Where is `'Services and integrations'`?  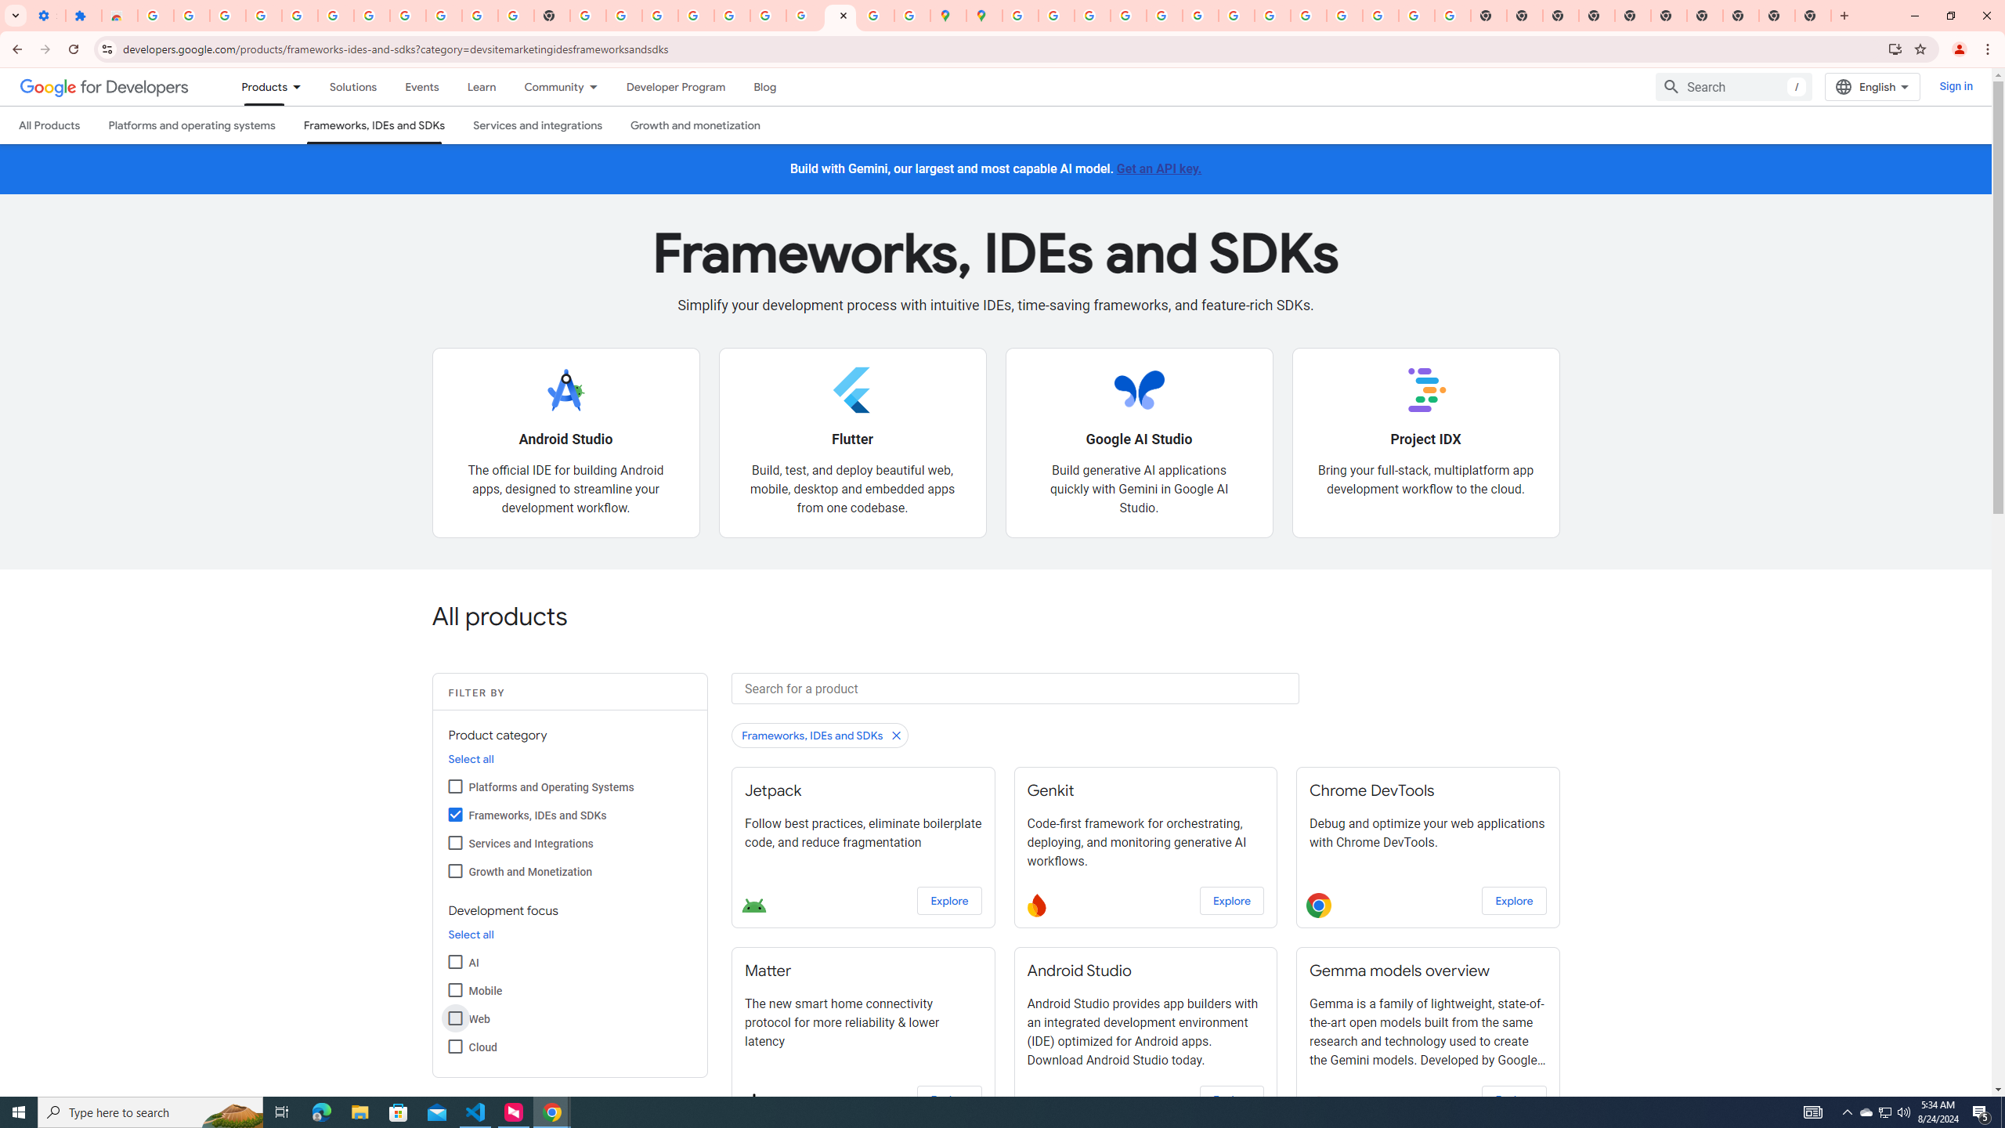
'Services and integrations' is located at coordinates (537, 124).